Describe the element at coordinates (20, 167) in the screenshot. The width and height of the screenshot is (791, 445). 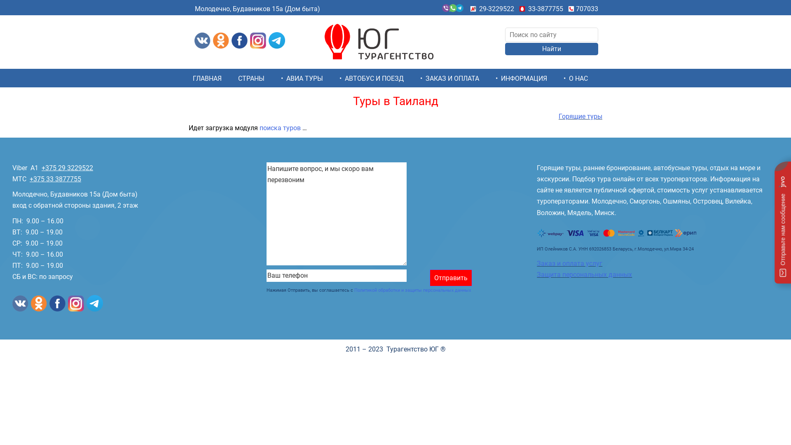
I see `'Viber'` at that location.